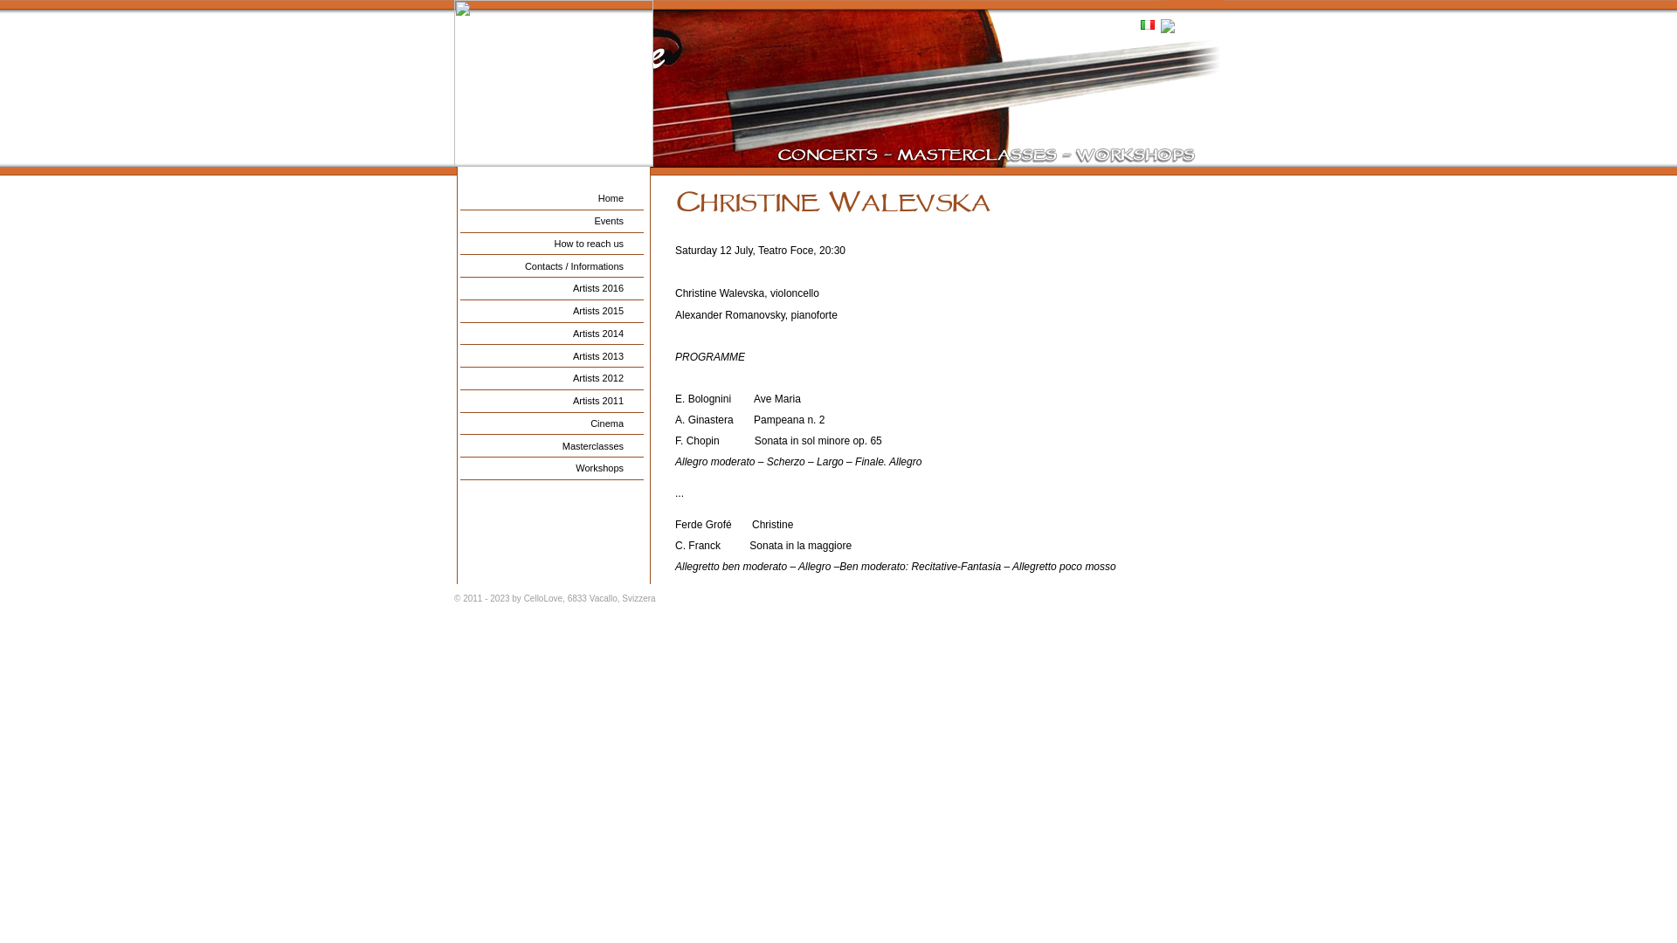 The width and height of the screenshot is (1677, 943). I want to click on 'Artists 2014', so click(551, 334).